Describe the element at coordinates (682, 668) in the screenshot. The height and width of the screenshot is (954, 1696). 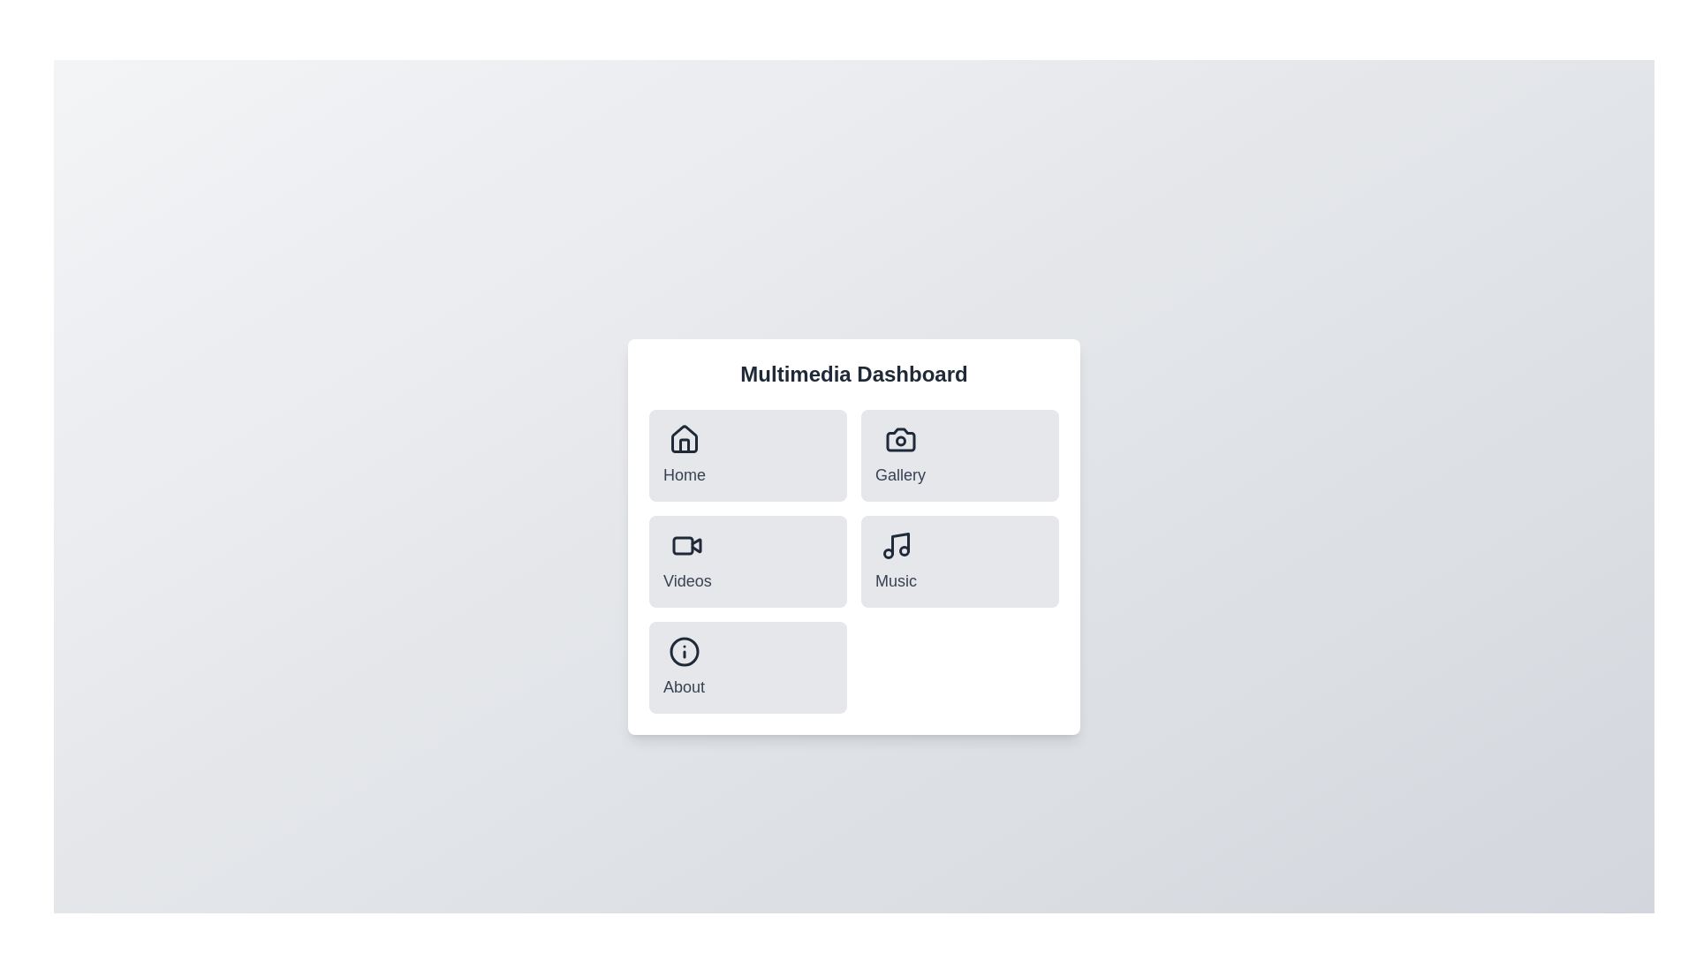
I see `the menu item labeled About to display its description` at that location.